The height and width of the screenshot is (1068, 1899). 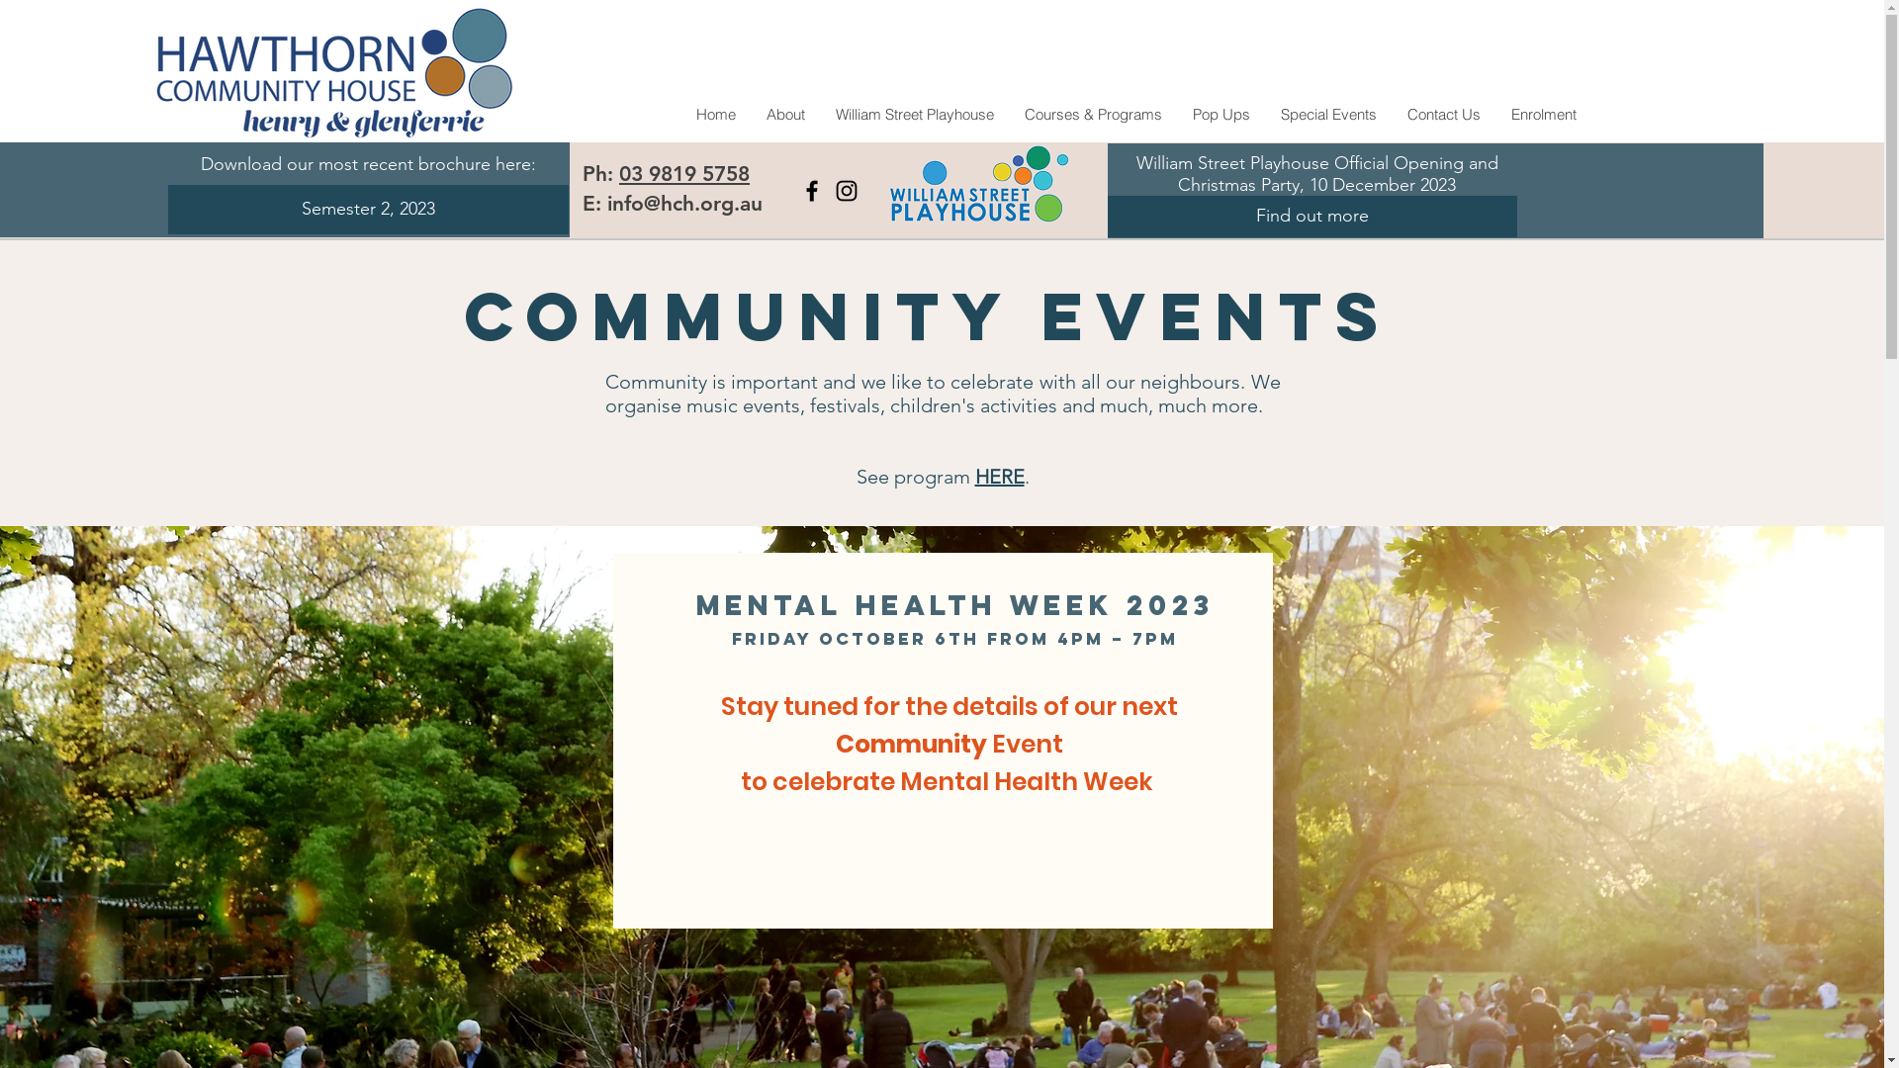 I want to click on 'Courses & Programs', so click(x=1091, y=114).